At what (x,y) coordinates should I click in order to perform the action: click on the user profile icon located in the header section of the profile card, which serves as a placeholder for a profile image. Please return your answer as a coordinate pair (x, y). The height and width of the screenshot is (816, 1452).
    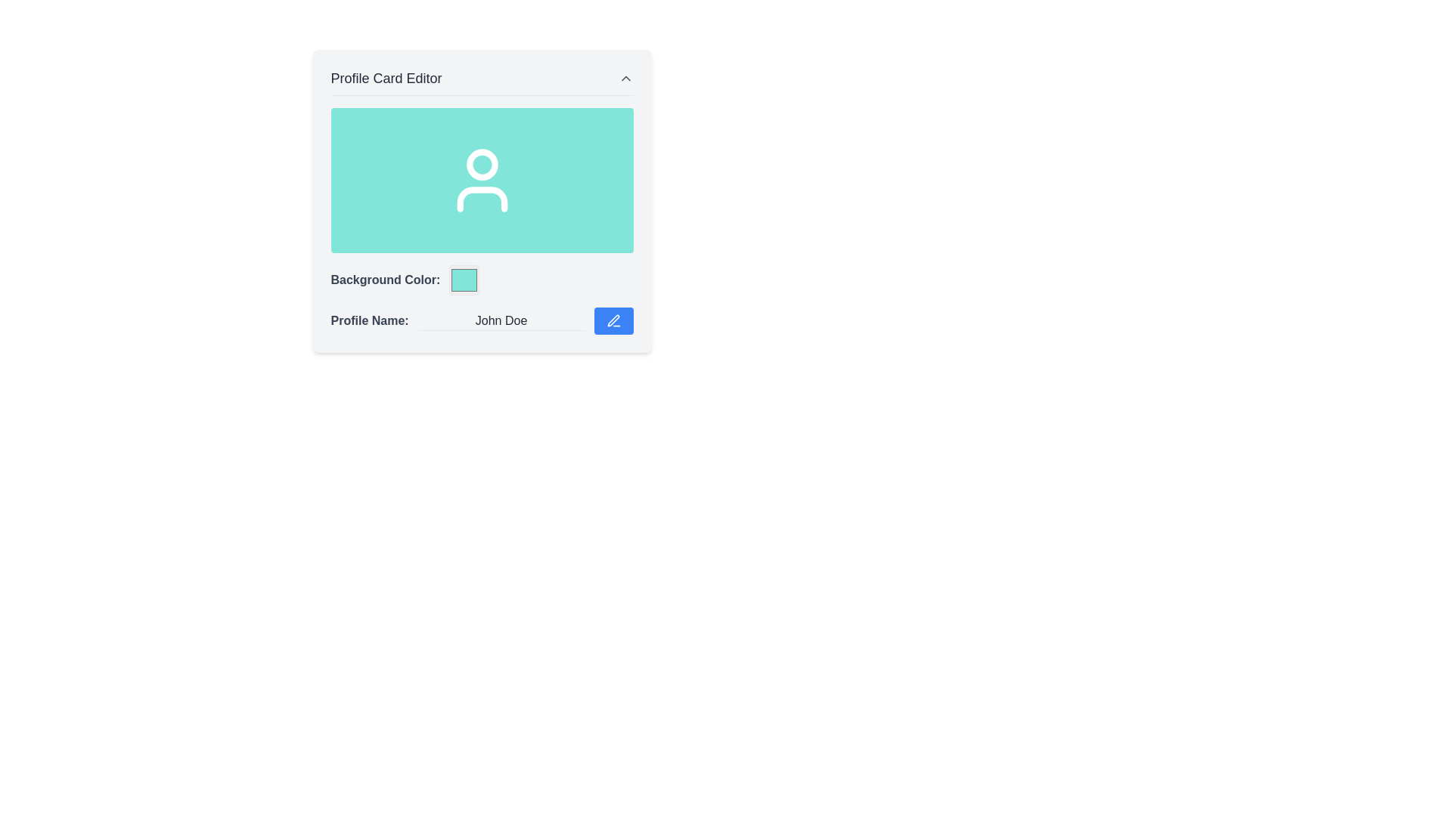
    Looking at the image, I should click on (481, 180).